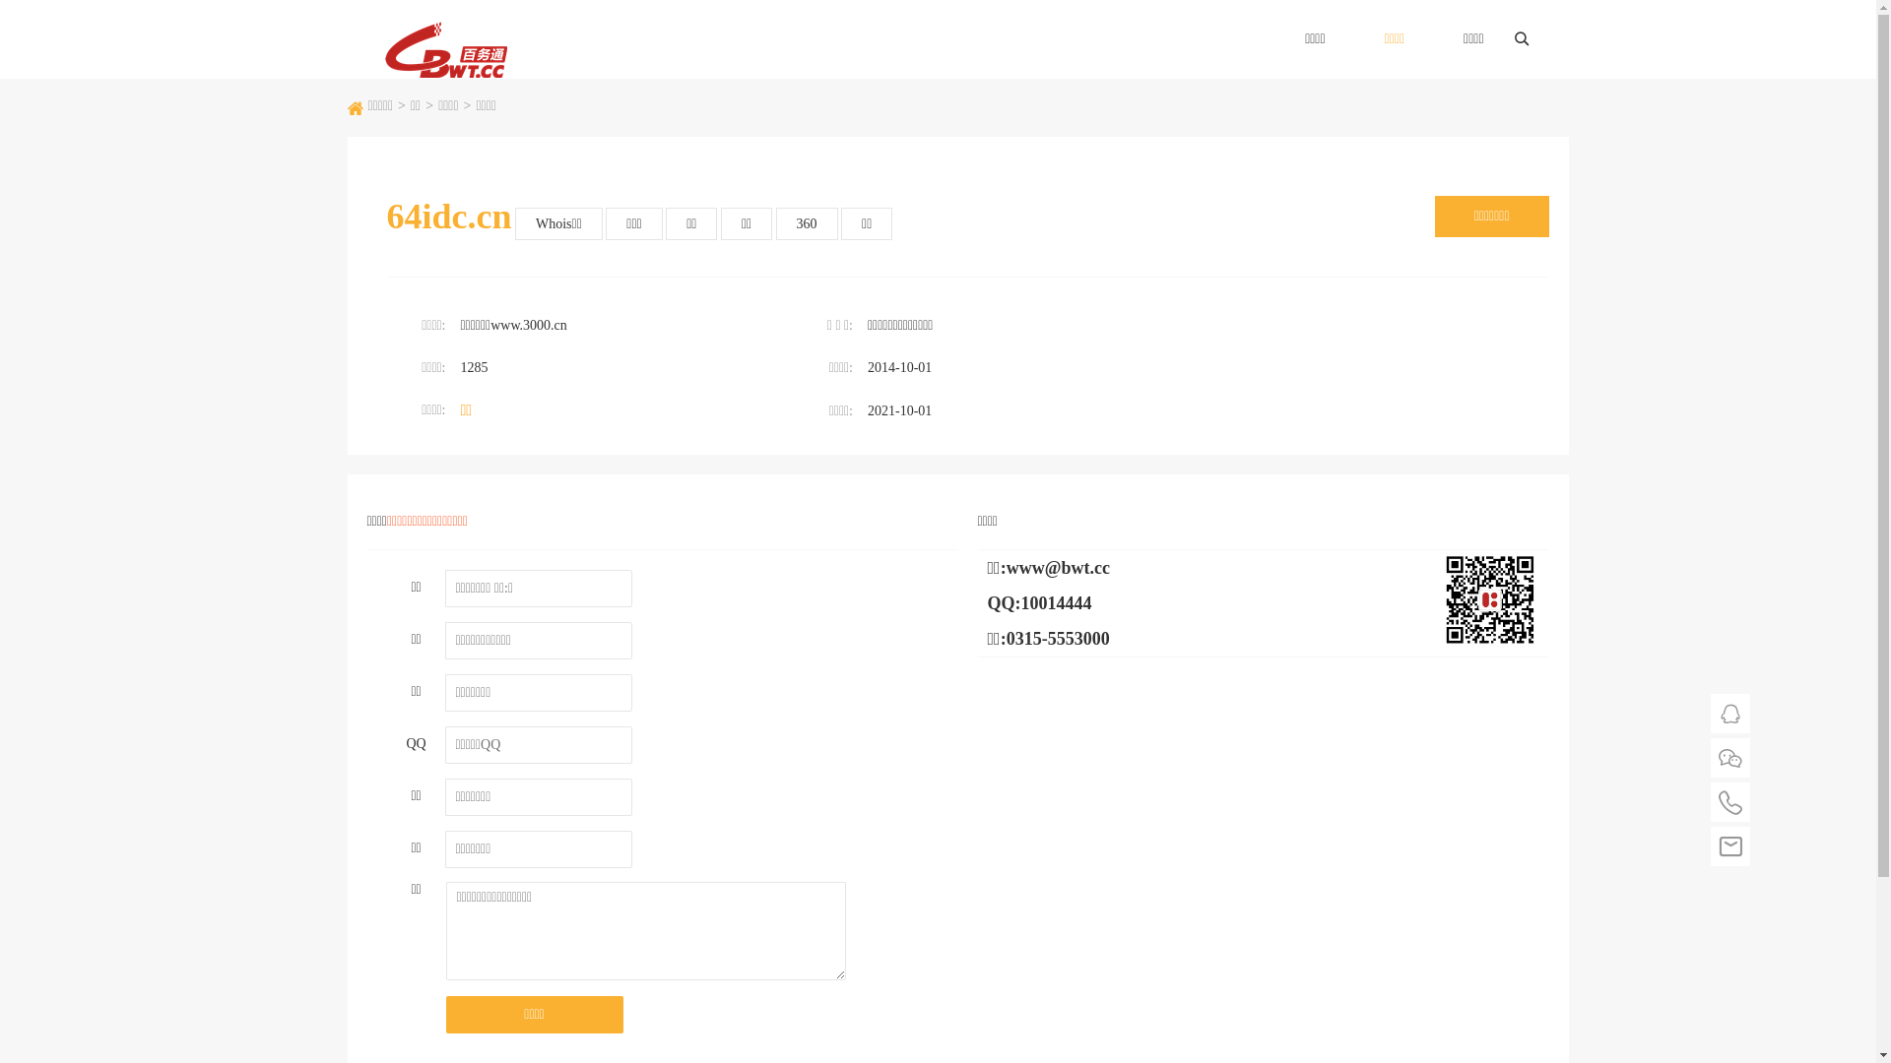 The width and height of the screenshot is (1891, 1063). I want to click on '360', so click(807, 222).